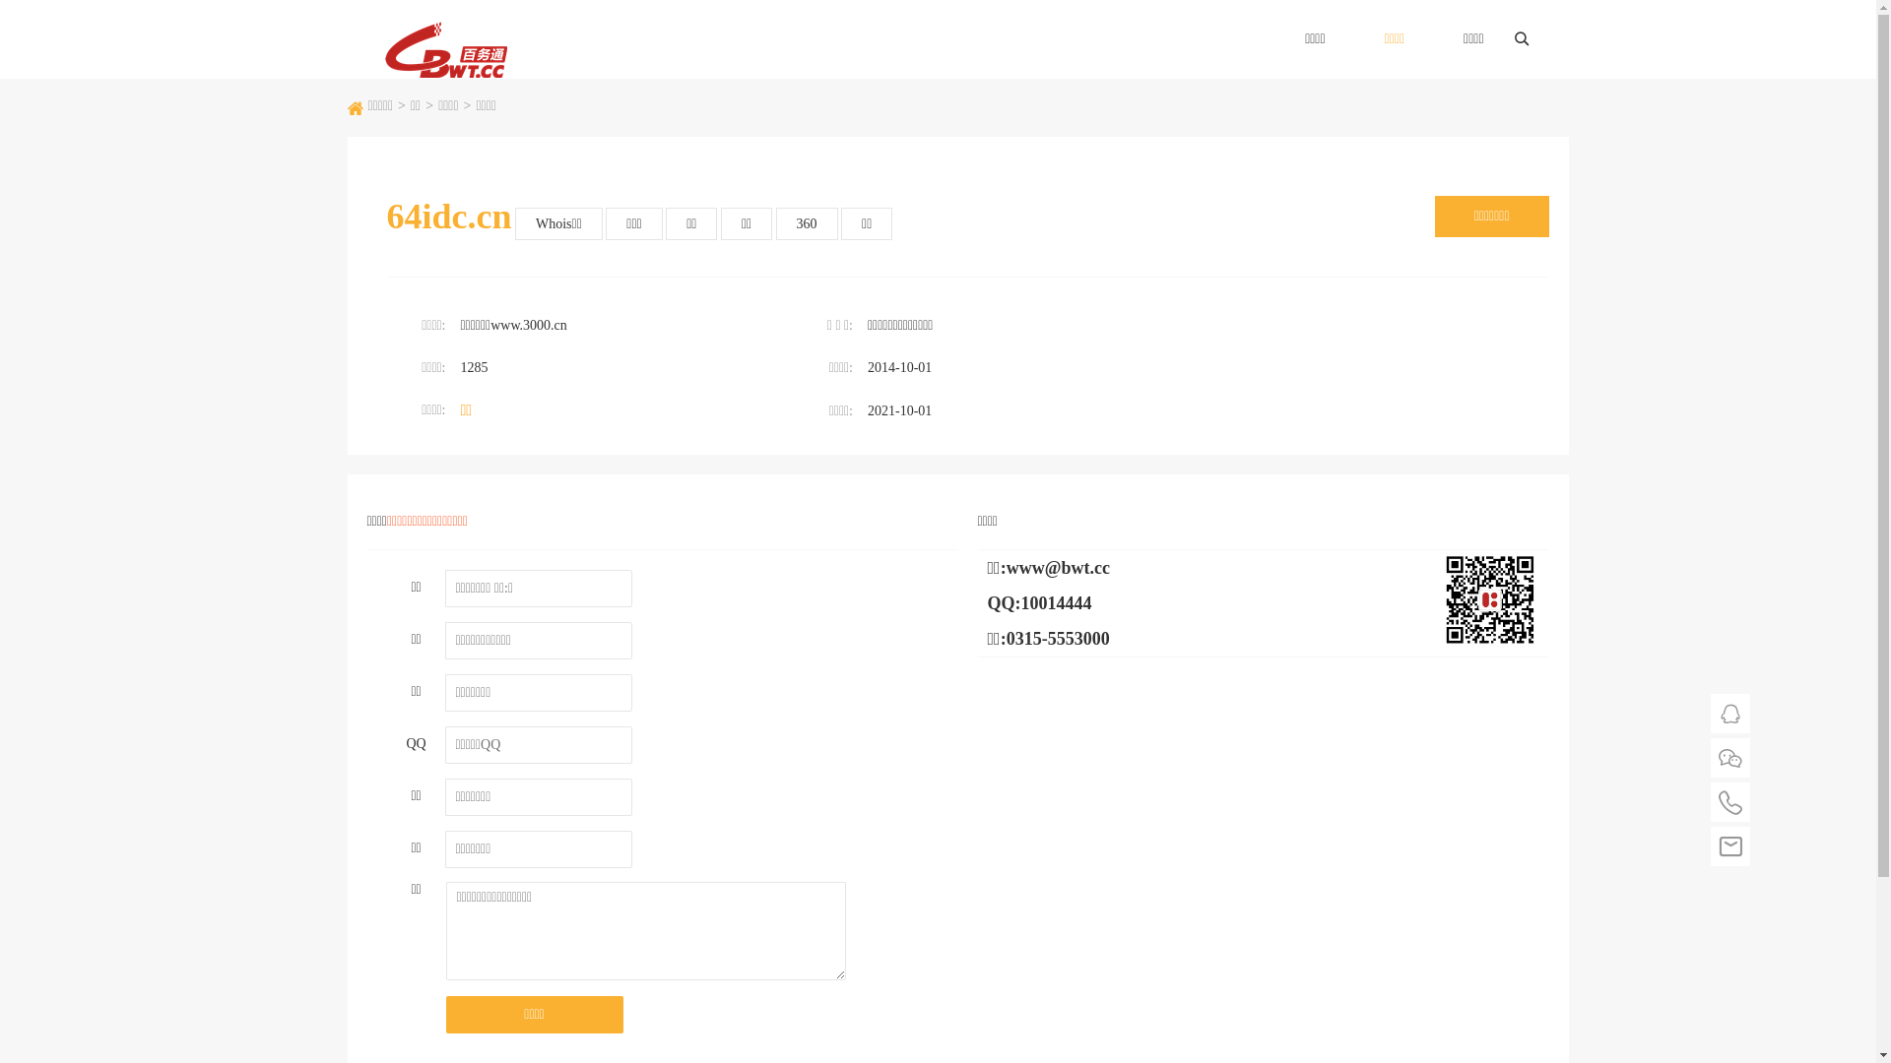 The width and height of the screenshot is (1891, 1063). I want to click on '360', so click(807, 222).